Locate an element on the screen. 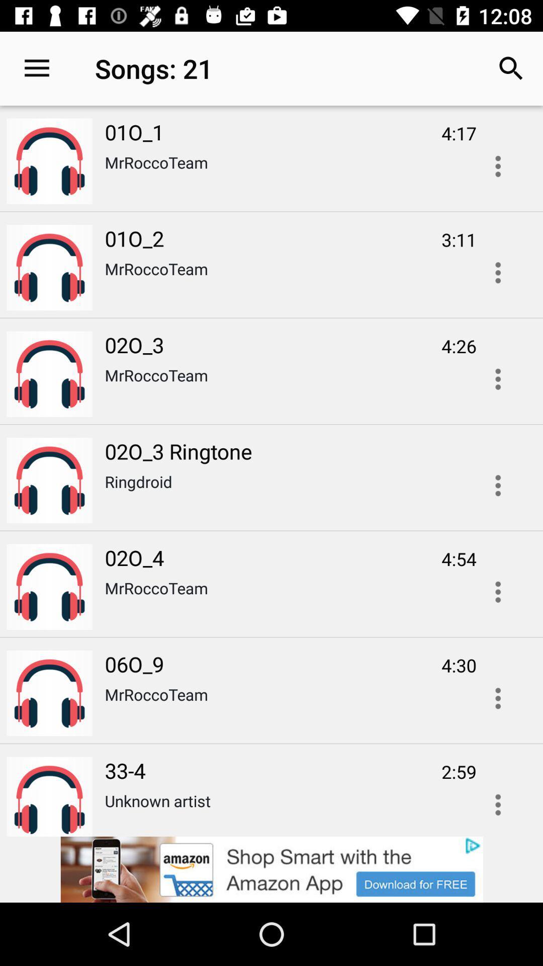 This screenshot has width=543, height=966. open options is located at coordinates (498, 166).